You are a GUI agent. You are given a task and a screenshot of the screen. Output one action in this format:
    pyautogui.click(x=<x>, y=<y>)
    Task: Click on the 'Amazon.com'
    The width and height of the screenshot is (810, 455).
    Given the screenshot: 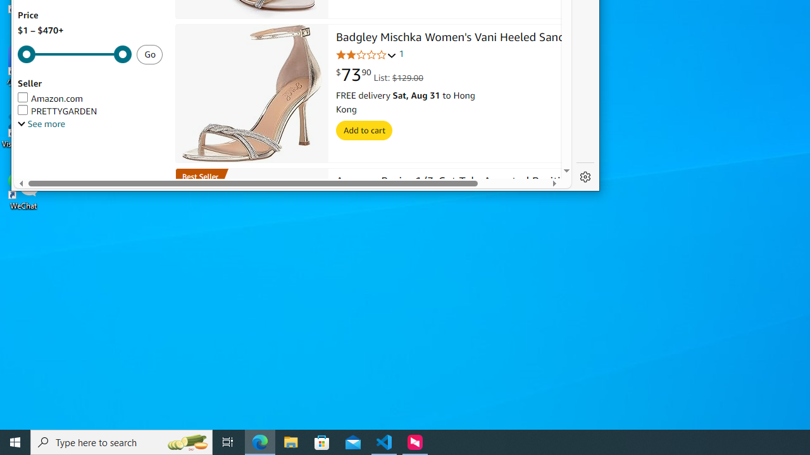 What is the action you would take?
    pyautogui.click(x=51, y=98)
    